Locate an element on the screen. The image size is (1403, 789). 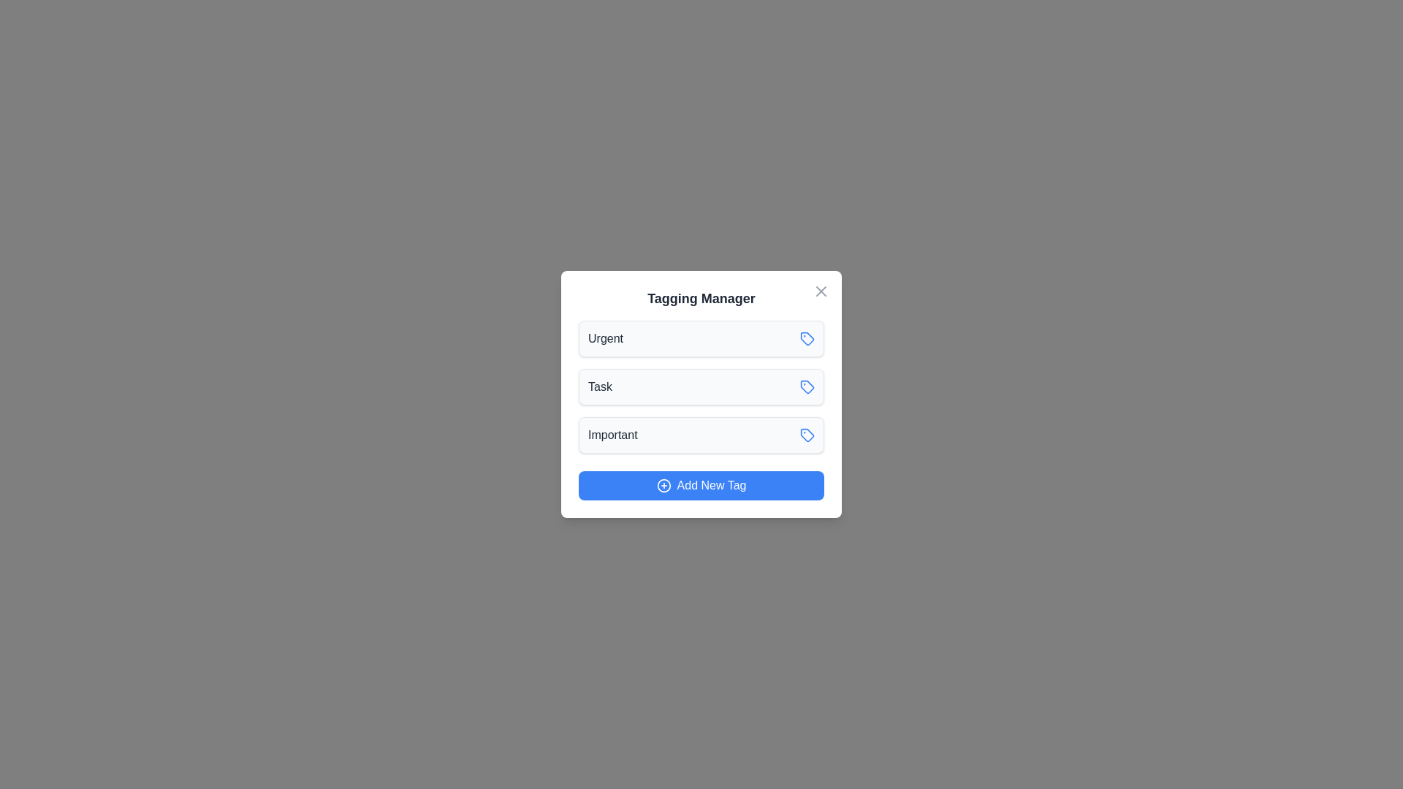
the tag icon corresponding to Task to view its details is located at coordinates (806, 386).